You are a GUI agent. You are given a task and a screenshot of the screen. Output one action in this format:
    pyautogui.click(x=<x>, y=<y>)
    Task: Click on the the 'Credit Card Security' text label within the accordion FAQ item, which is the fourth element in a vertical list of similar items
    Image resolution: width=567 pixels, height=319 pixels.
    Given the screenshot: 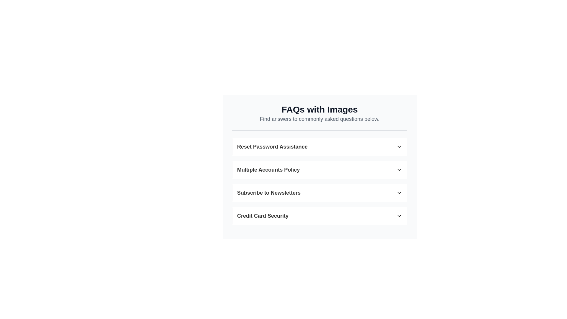 What is the action you would take?
    pyautogui.click(x=263, y=216)
    